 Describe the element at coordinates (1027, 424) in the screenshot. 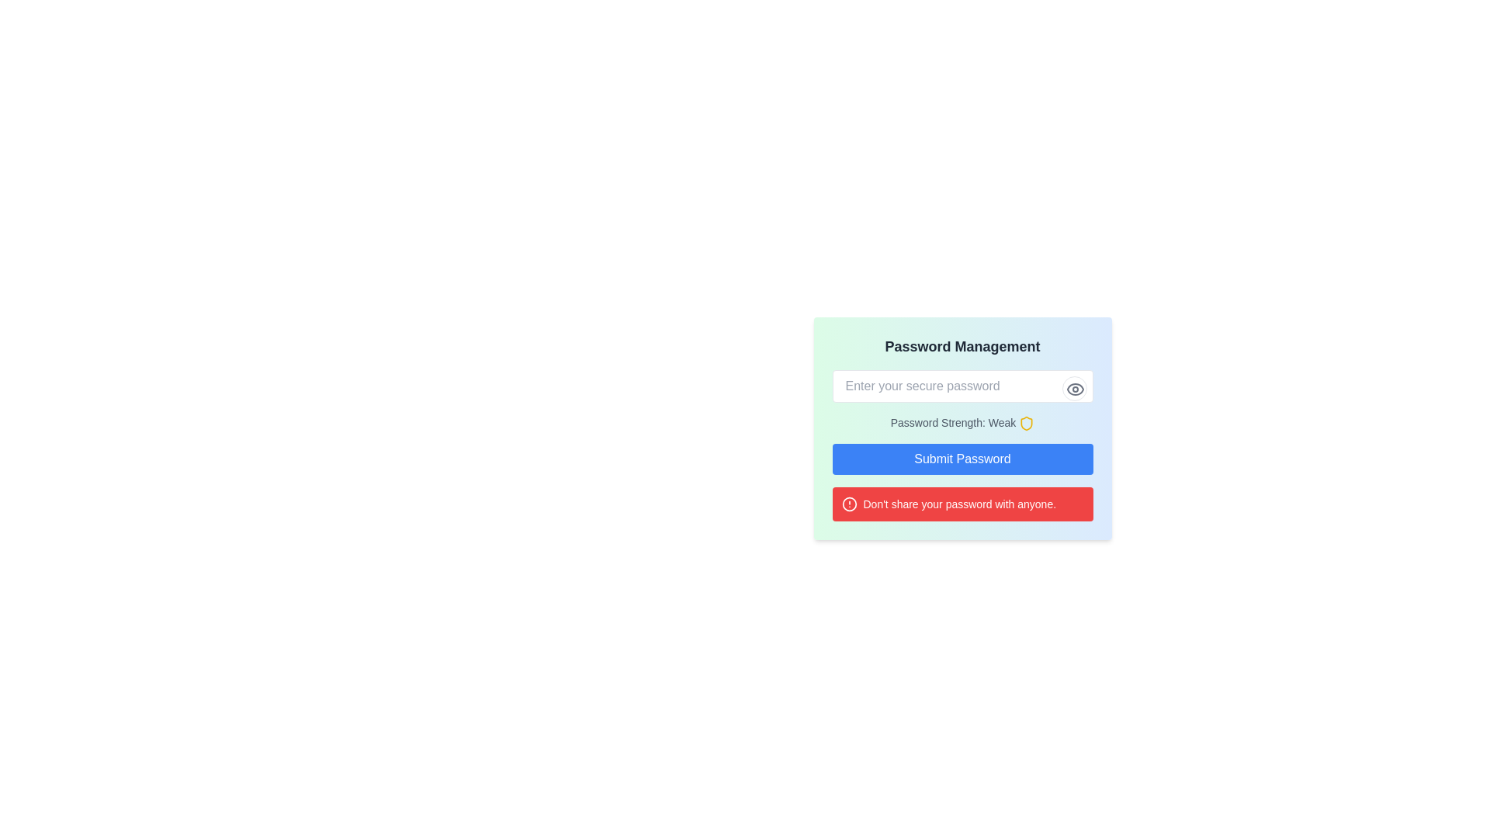

I see `the password strength icon located in the middle-right section of the password management card interface, adjacent to the text 'Password Strength: Weak'` at that location.